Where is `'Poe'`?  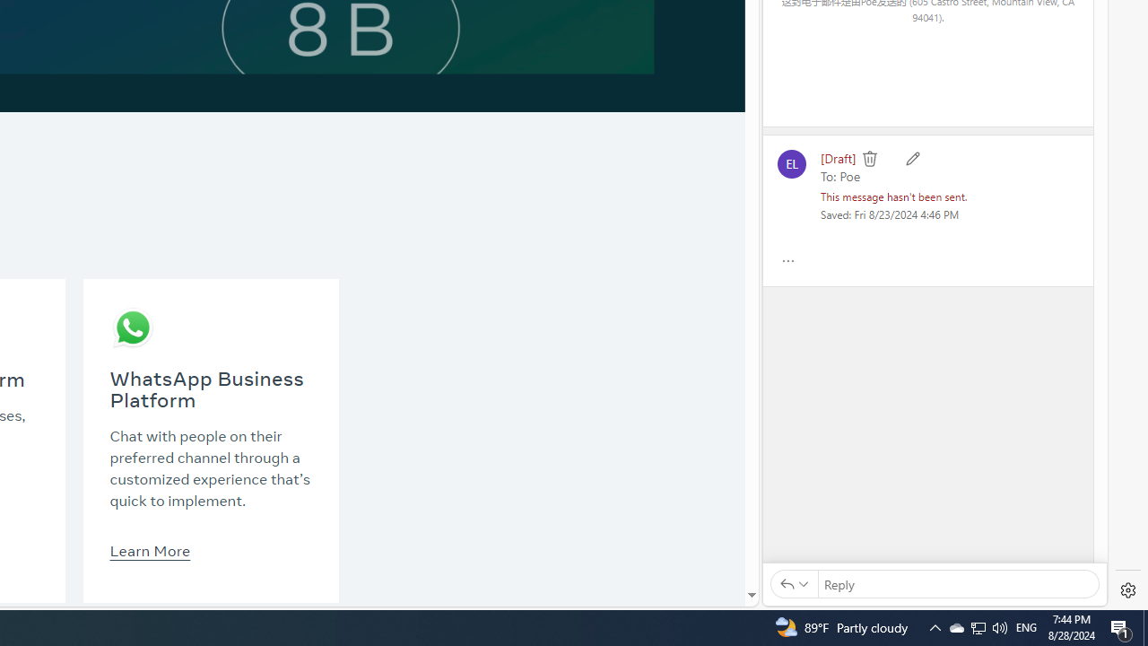
'Poe' is located at coordinates (848, 175).